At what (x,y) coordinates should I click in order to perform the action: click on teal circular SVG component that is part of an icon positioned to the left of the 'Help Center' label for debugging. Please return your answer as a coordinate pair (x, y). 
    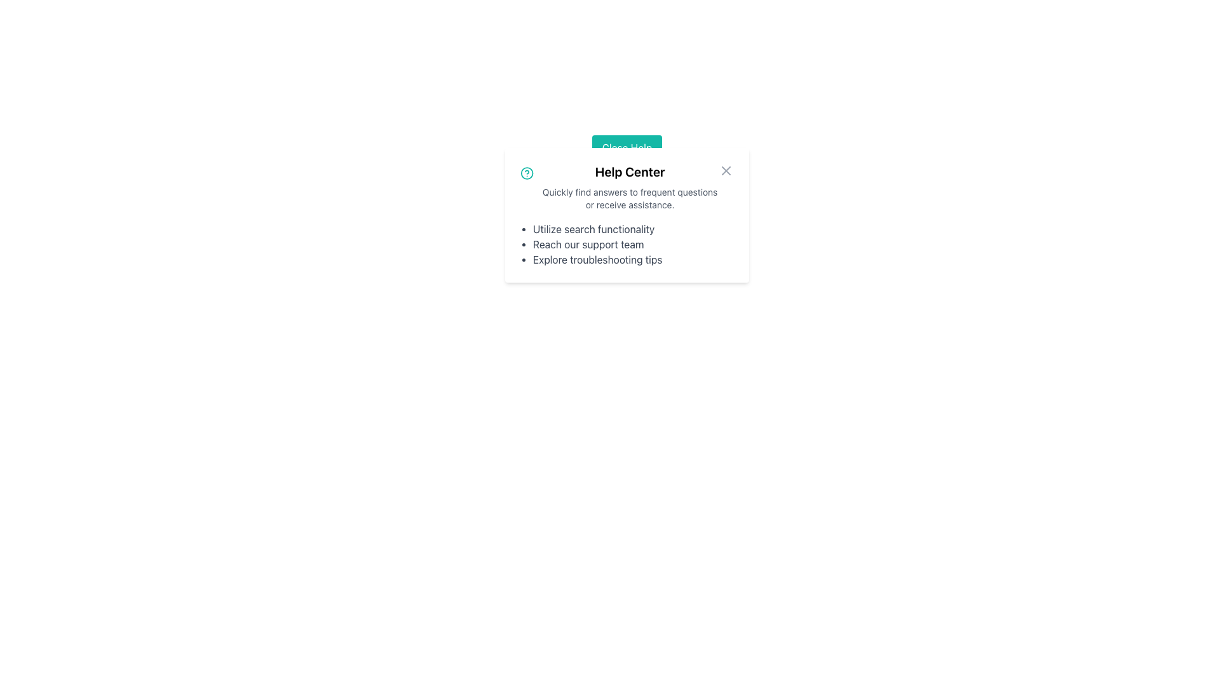
    Looking at the image, I should click on (527, 173).